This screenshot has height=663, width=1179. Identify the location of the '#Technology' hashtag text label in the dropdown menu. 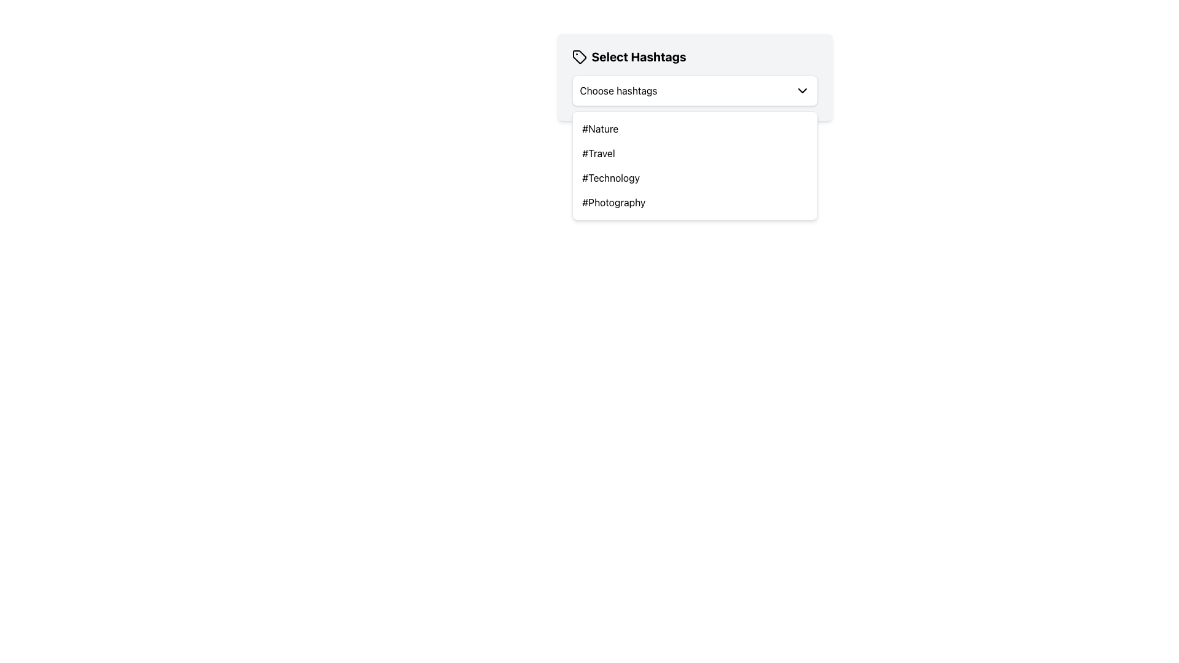
(611, 177).